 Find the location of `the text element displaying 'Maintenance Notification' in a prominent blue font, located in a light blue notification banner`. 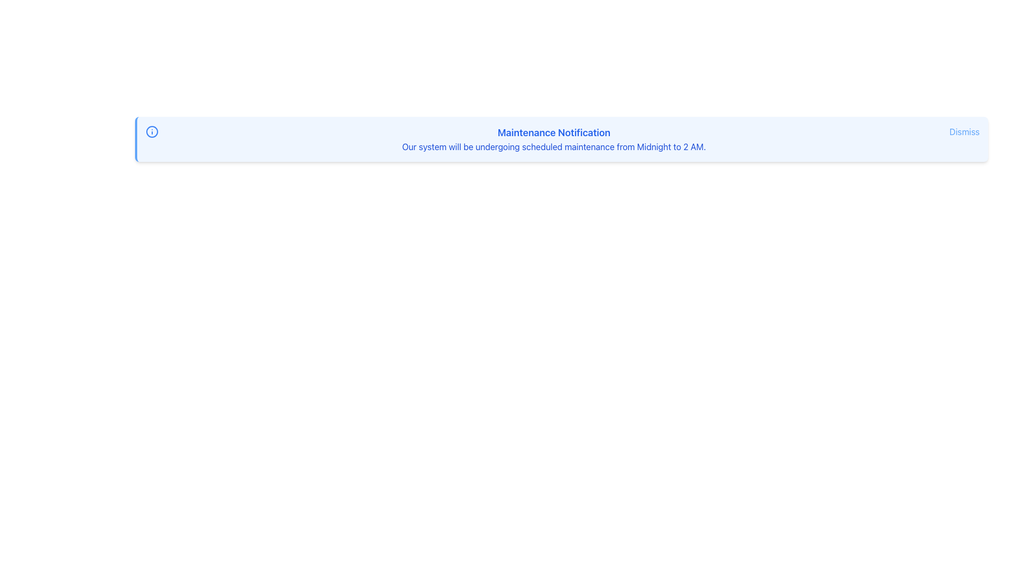

the text element displaying 'Maintenance Notification' in a prominent blue font, located in a light blue notification banner is located at coordinates (554, 132).